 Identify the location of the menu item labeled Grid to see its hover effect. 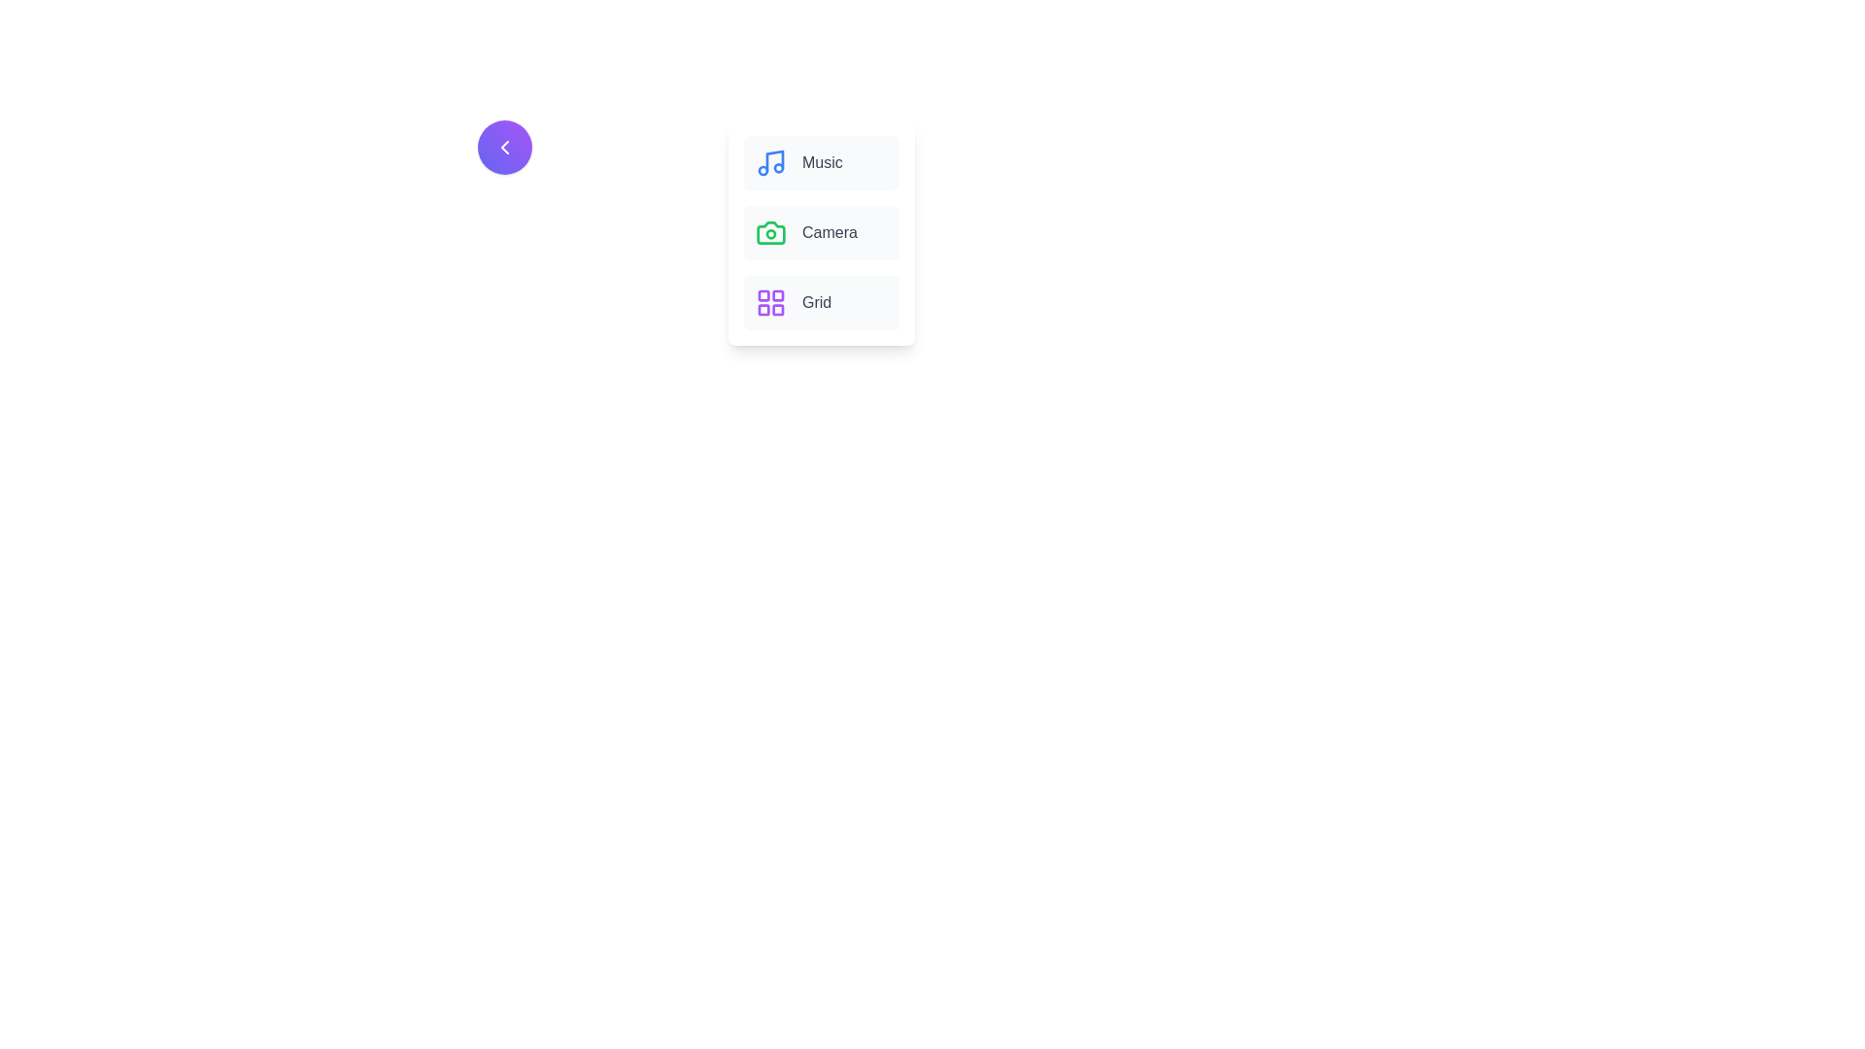
(821, 303).